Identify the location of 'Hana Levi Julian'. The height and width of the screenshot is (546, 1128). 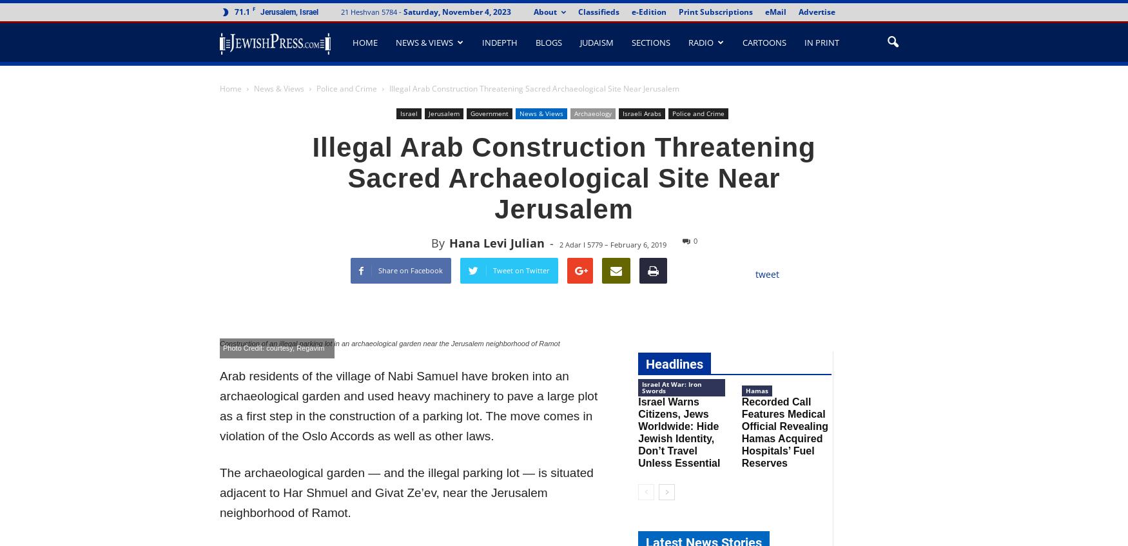
(448, 242).